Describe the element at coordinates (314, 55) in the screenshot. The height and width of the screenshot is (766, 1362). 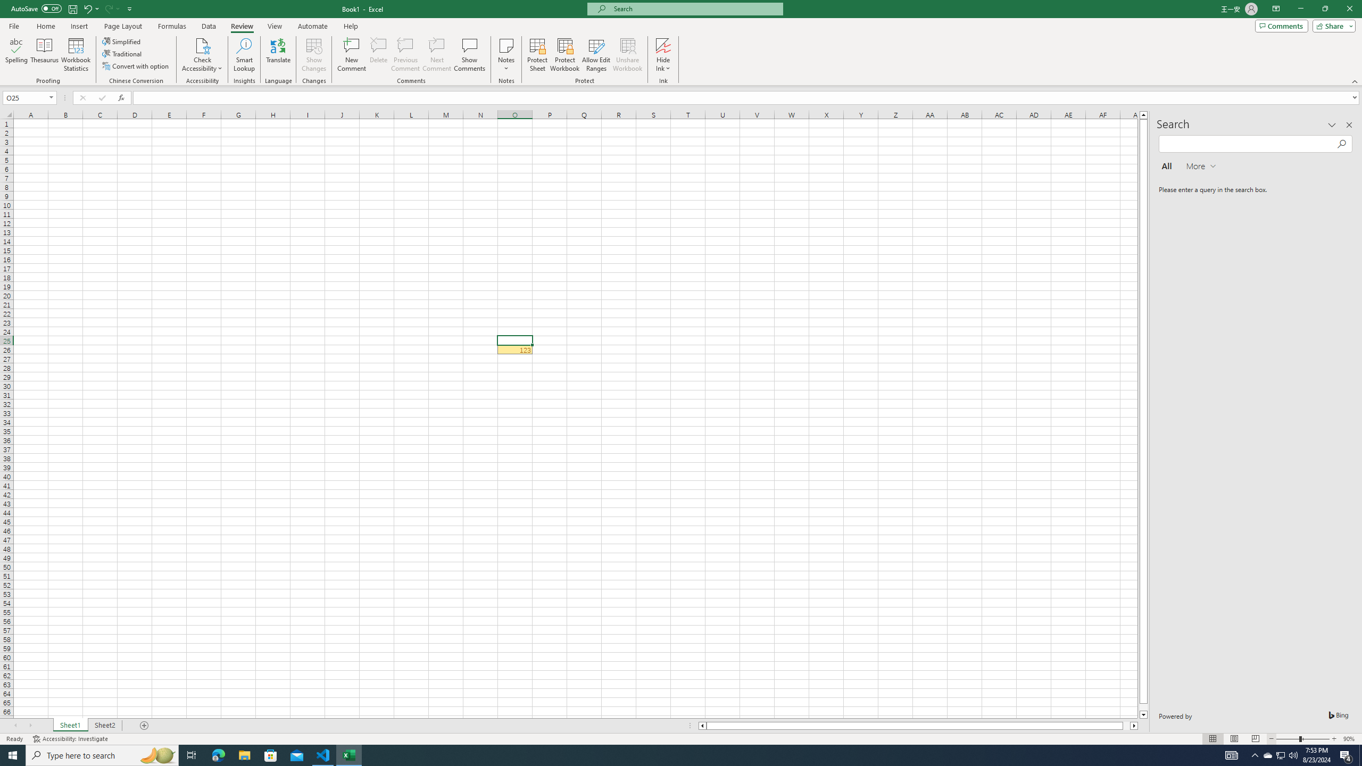
I see `'Show Changes'` at that location.